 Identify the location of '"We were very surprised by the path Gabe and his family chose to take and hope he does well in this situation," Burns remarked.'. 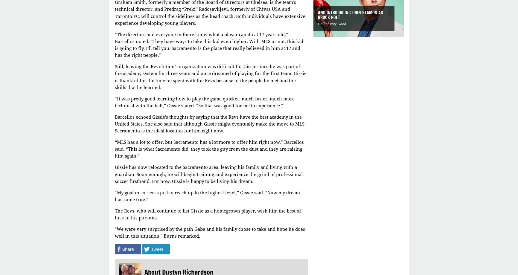
(114, 232).